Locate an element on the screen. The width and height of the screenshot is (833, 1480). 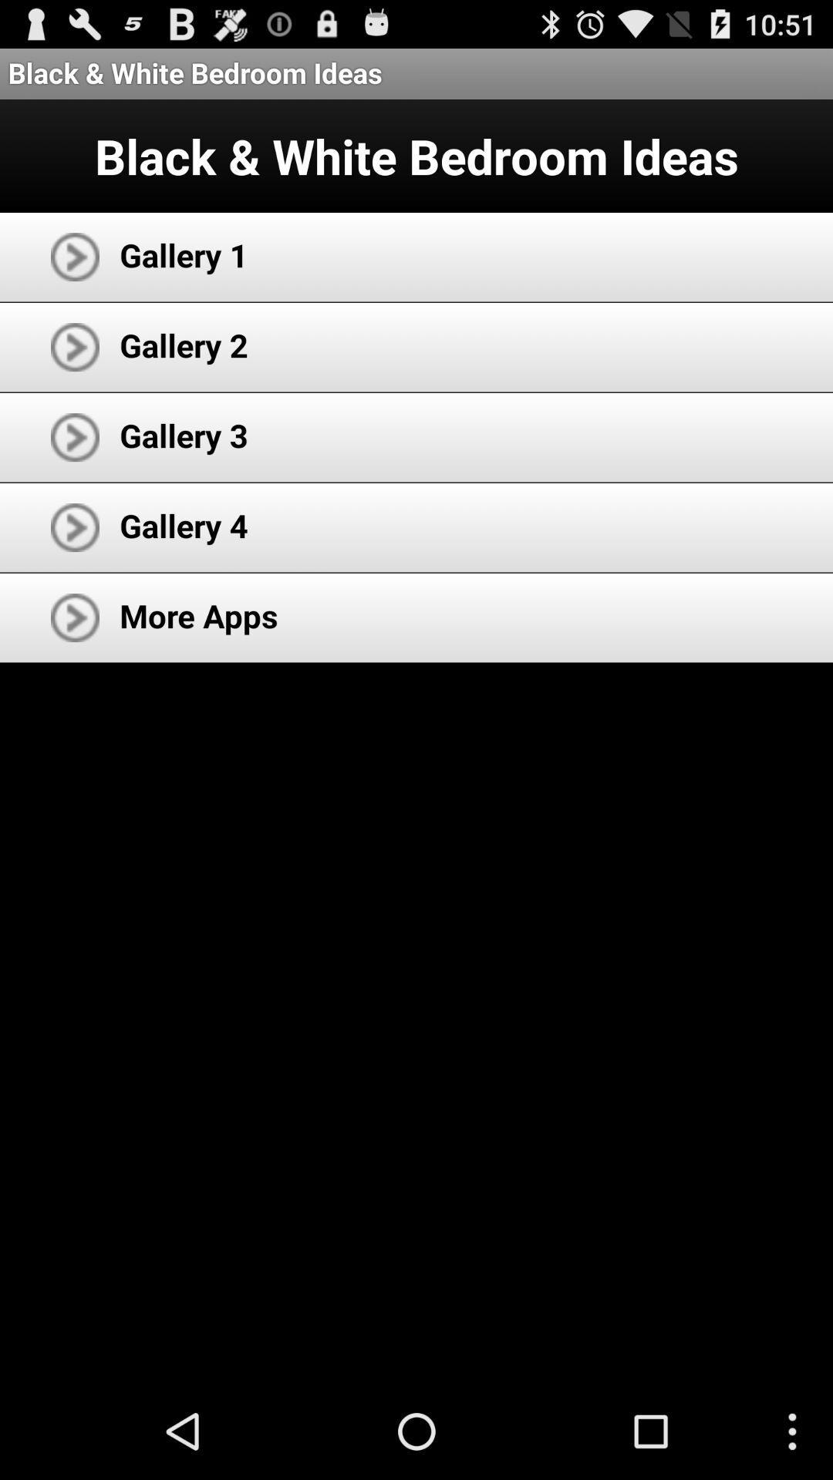
item below the gallery 1 icon is located at coordinates (183, 344).